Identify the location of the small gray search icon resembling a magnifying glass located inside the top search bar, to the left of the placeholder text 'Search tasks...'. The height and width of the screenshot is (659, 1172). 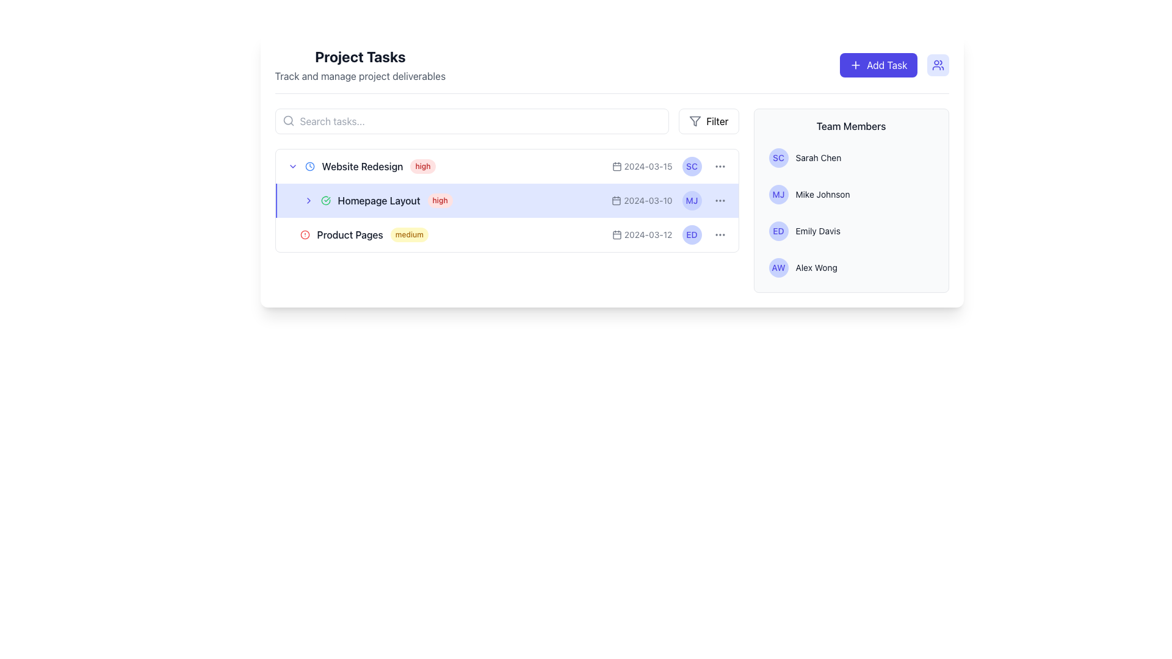
(288, 120).